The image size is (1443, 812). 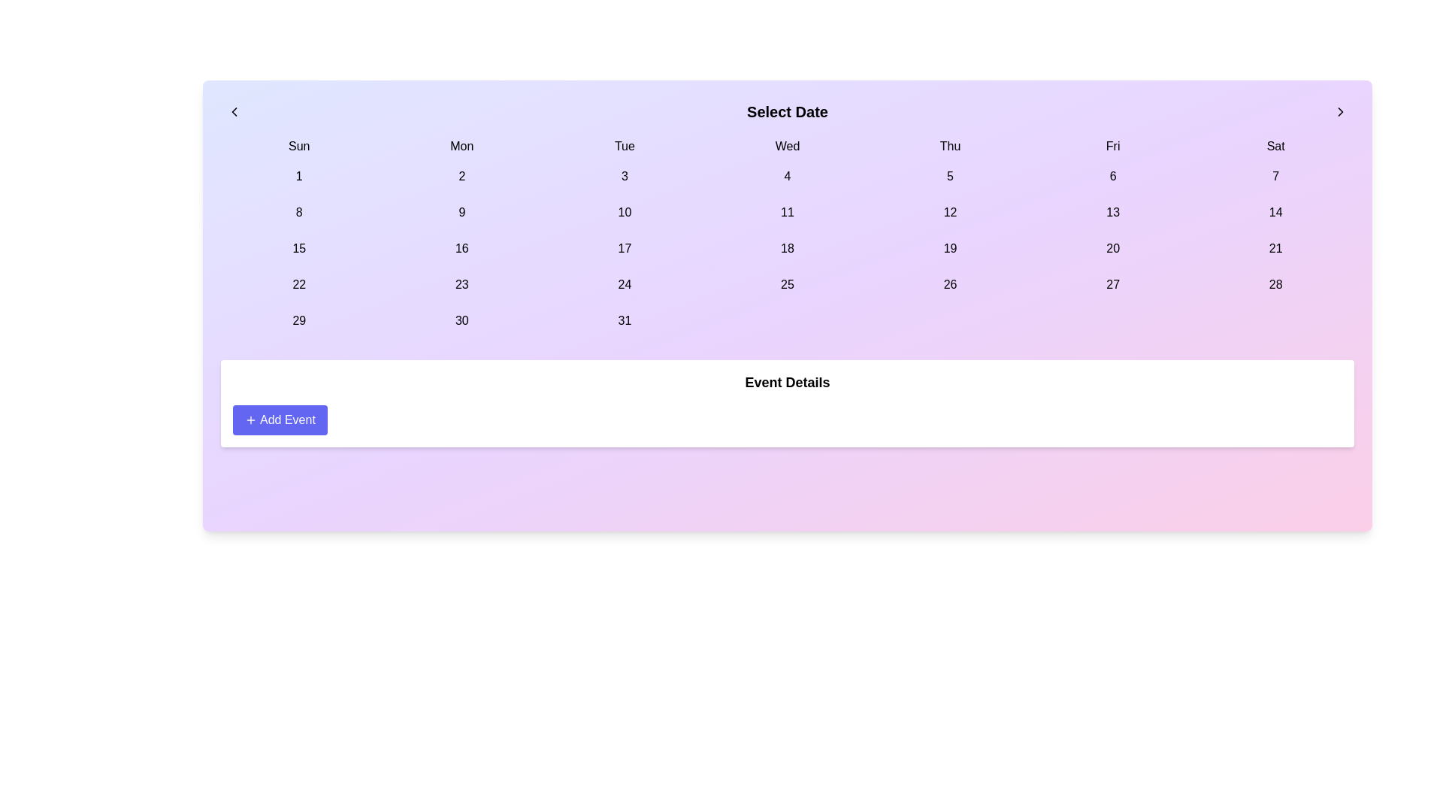 I want to click on the selectable day button for the 17th day in the calendar interface, located in the 'Tue' column and third row between '16' and '18', so click(x=625, y=248).